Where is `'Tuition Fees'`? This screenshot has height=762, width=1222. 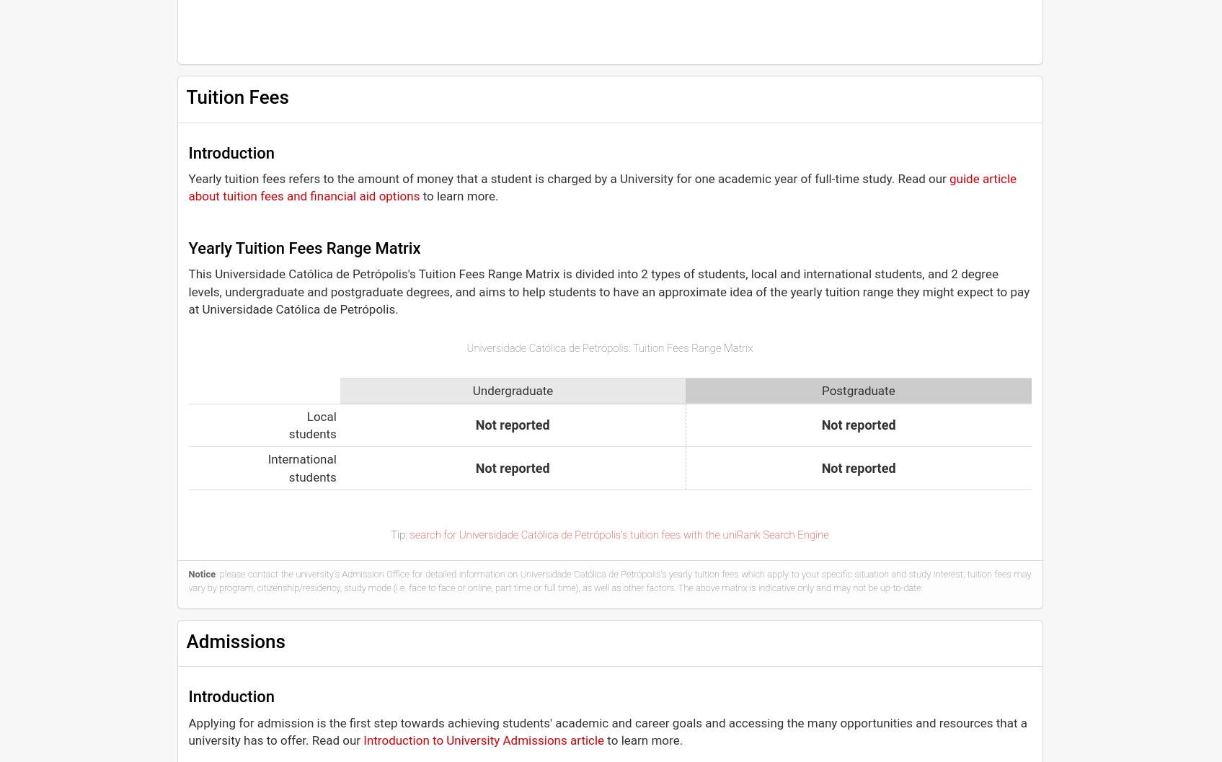 'Tuition Fees' is located at coordinates (236, 96).